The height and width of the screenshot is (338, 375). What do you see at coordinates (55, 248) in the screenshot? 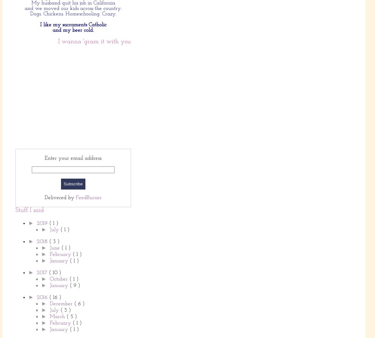
I see `'June'` at bounding box center [55, 248].